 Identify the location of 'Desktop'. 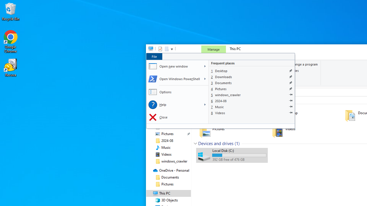
(252, 70).